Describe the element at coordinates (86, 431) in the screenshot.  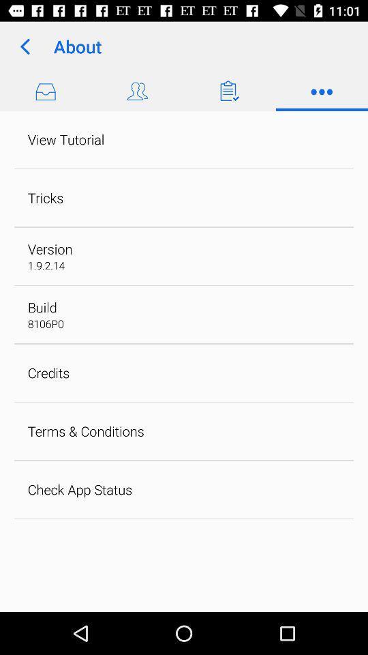
I see `the item above the check app status icon` at that location.